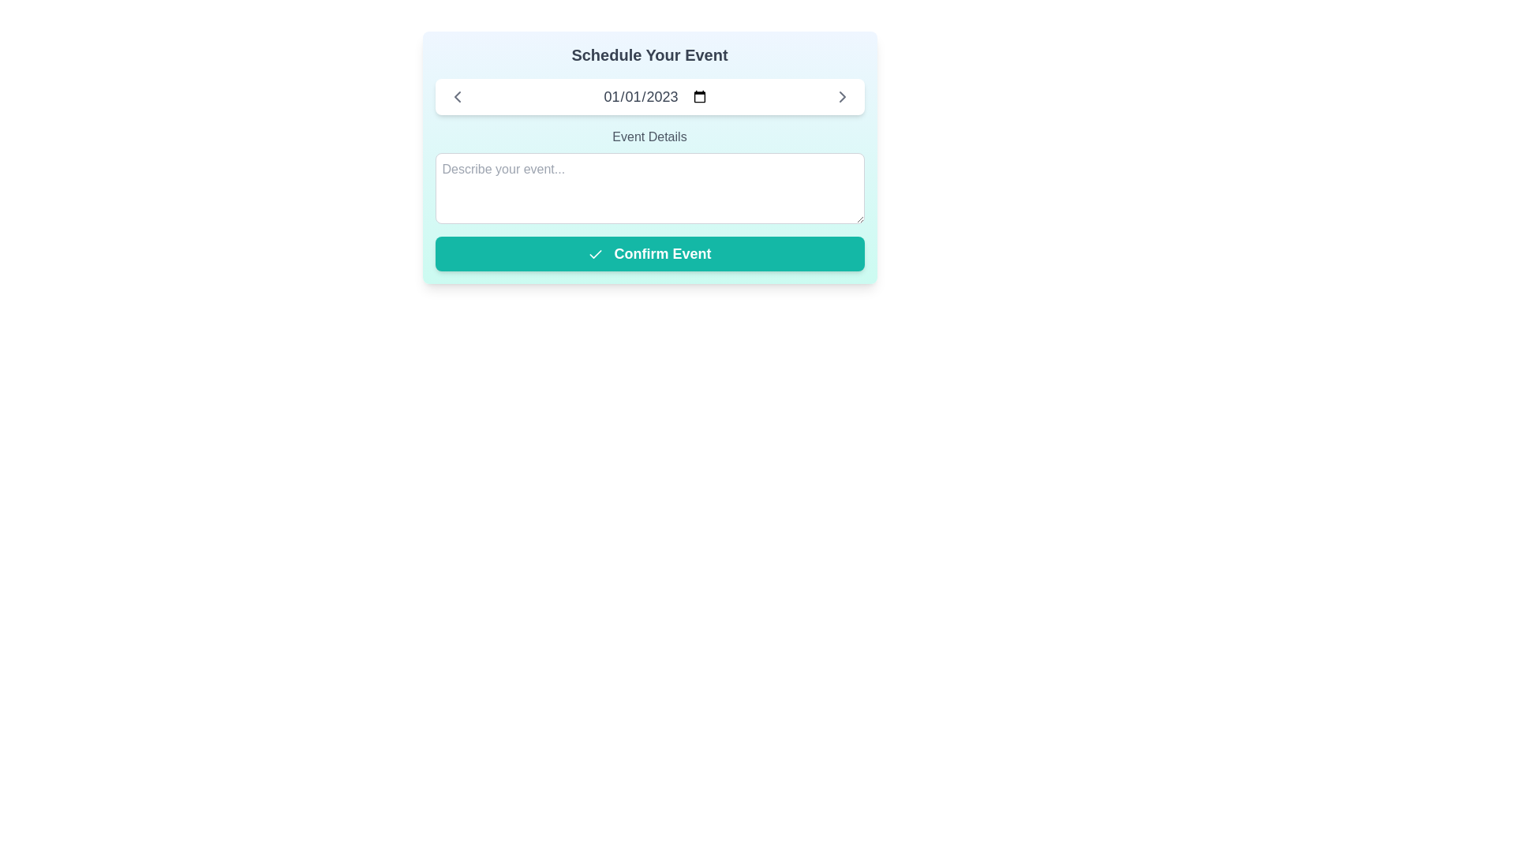 This screenshot has height=852, width=1515. I want to click on a date in the Date Picker Input Field located centrally in the top portion of the interface, so click(649, 97).